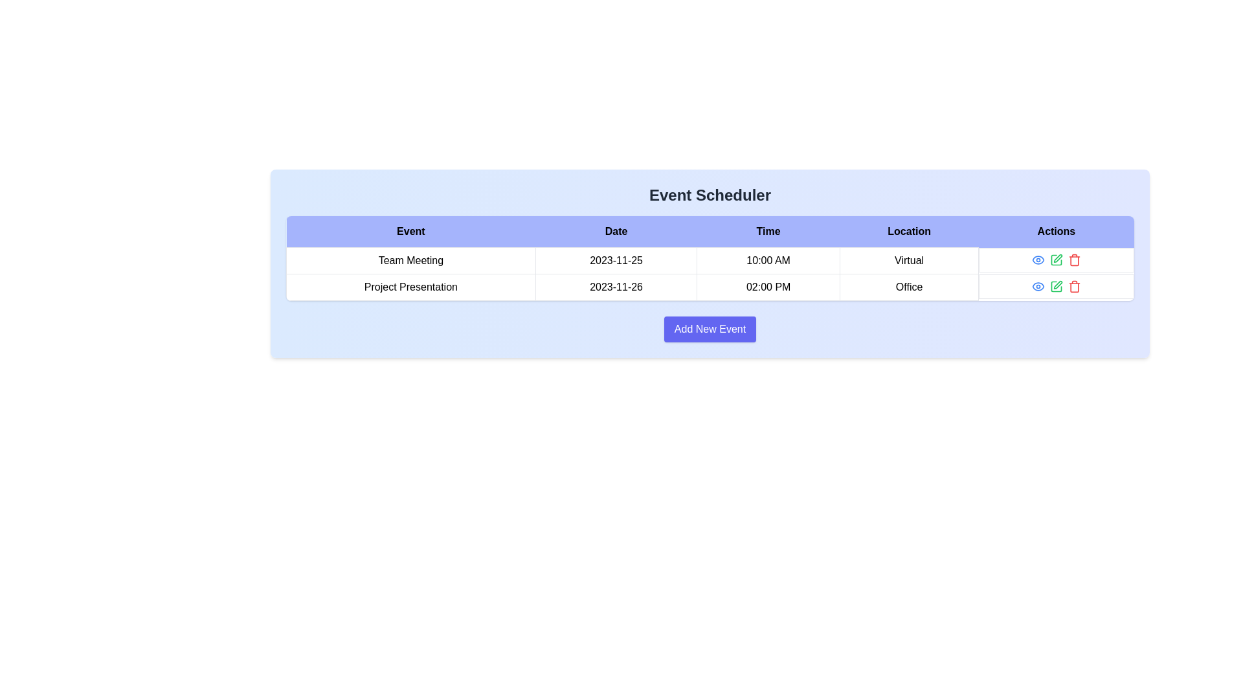  Describe the element at coordinates (410, 231) in the screenshot. I see `the 'Event' text label, which is the first column header of the table indicating that the entries below pertain to events` at that location.